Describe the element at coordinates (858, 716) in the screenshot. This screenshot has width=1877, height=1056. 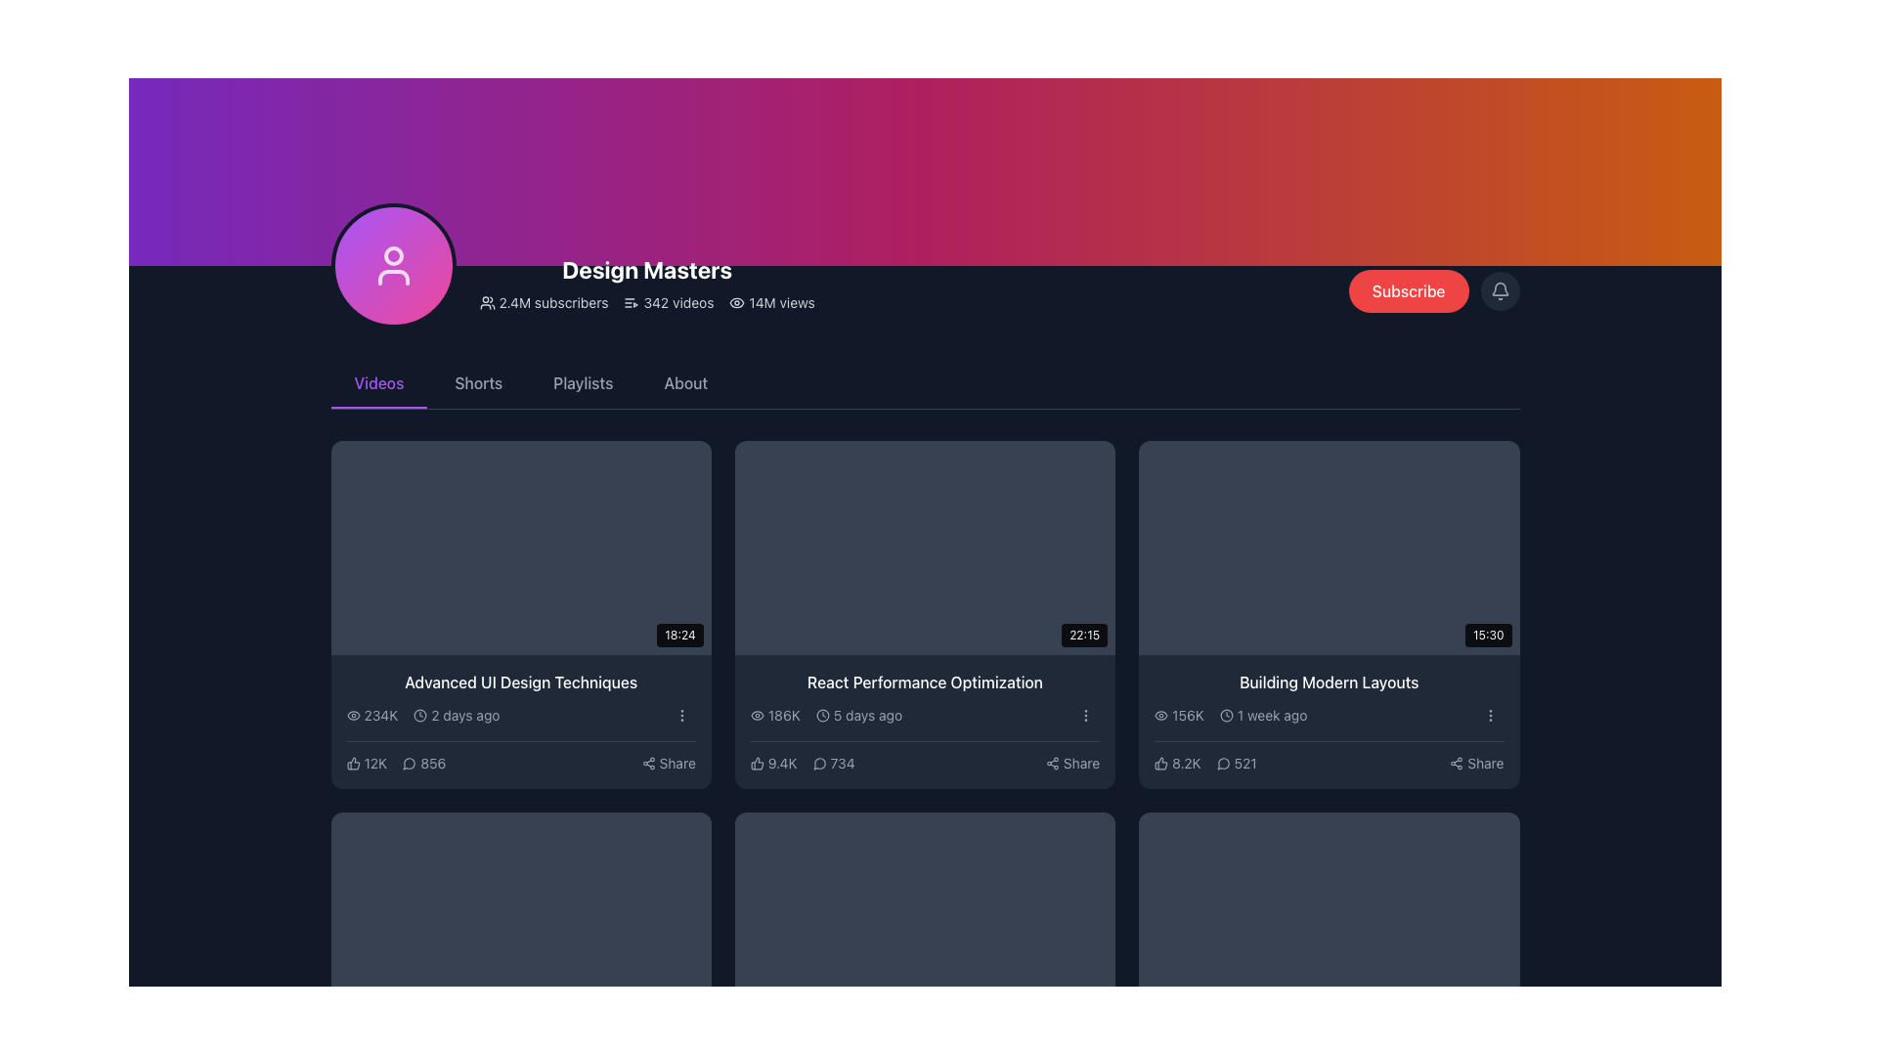
I see `the text label with an accompanying icon that indicates the upload or update timeframe of the associated content, located under the view count '186K' in the 'React Performance Optimization' card` at that location.